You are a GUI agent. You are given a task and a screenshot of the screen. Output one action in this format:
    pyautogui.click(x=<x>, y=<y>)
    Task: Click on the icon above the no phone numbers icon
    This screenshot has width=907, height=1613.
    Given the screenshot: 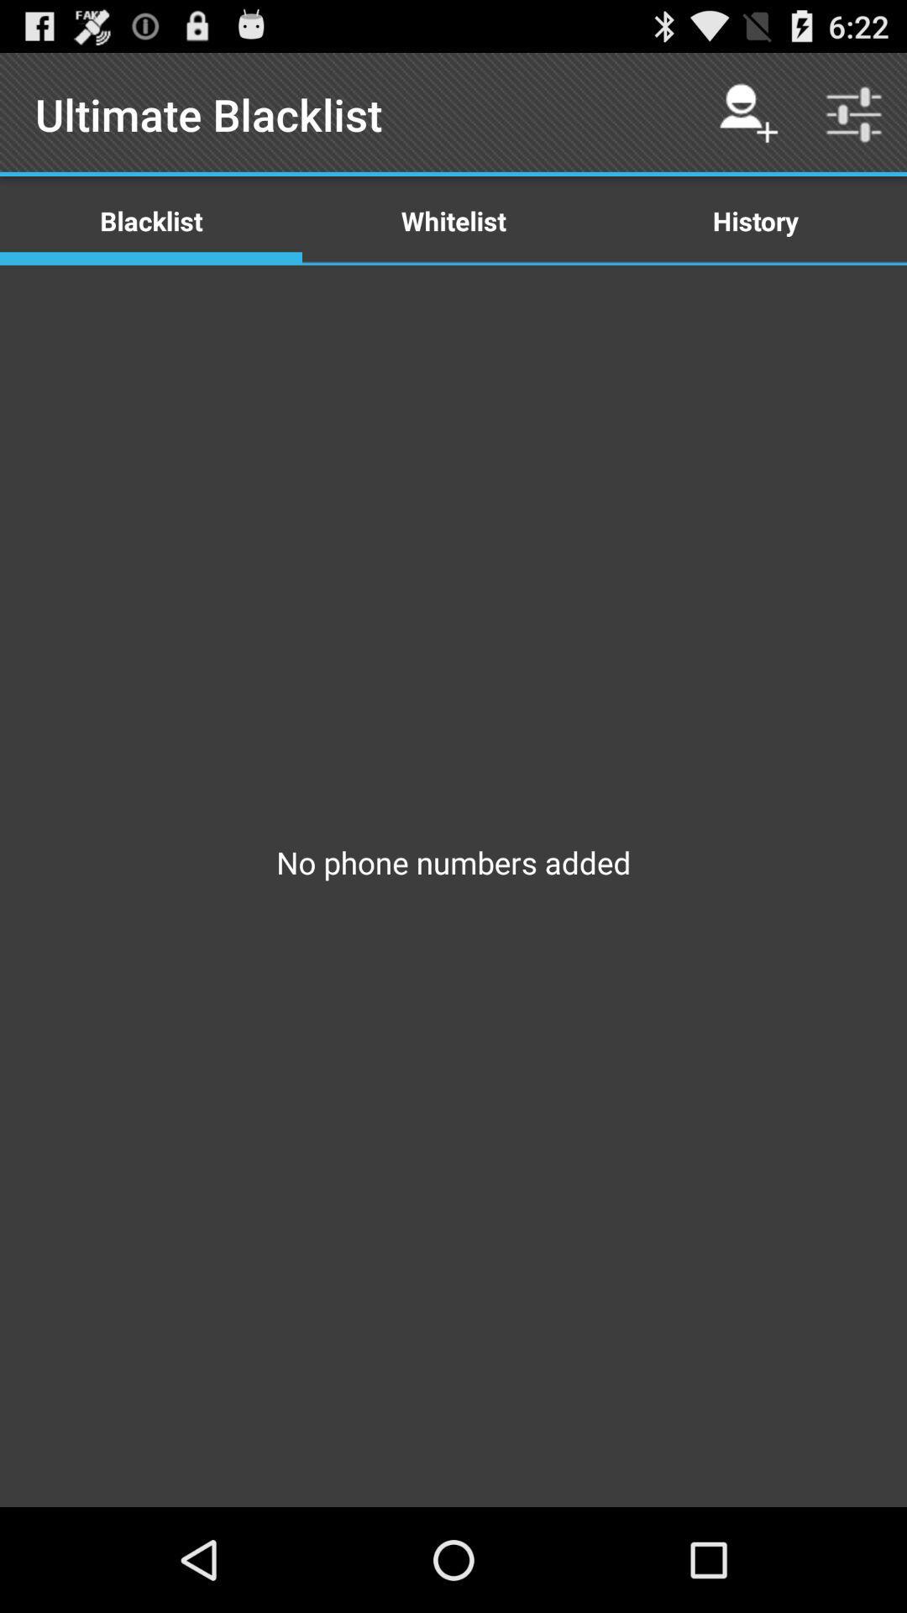 What is the action you would take?
    pyautogui.click(x=453, y=219)
    